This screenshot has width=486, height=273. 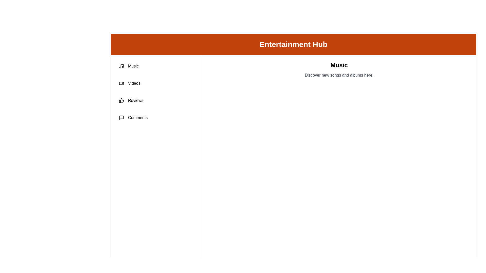 I want to click on the tab labeled Reviews from the tab list, so click(x=156, y=100).